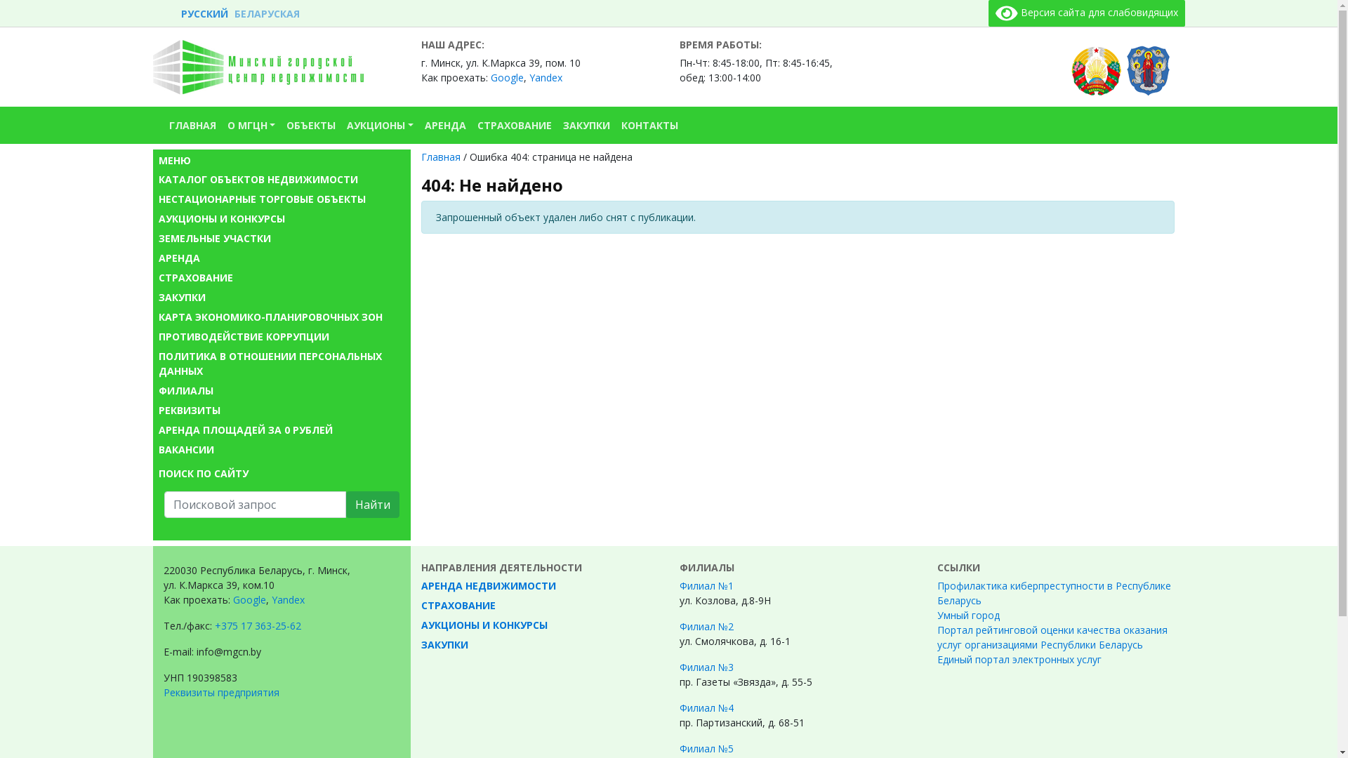 The image size is (1348, 758). Describe the element at coordinates (545, 77) in the screenshot. I see `'Yandex'` at that location.